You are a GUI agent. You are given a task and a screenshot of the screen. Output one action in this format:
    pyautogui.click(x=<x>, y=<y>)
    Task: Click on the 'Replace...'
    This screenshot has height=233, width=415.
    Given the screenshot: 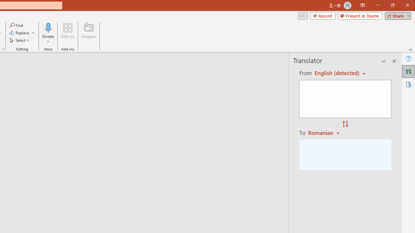 What is the action you would take?
    pyautogui.click(x=22, y=33)
    